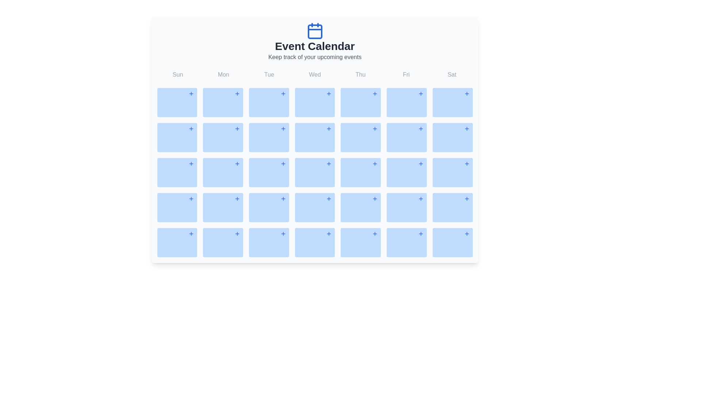 The width and height of the screenshot is (701, 394). Describe the element at coordinates (283, 93) in the screenshot. I see `the blue plus icon button located` at that location.